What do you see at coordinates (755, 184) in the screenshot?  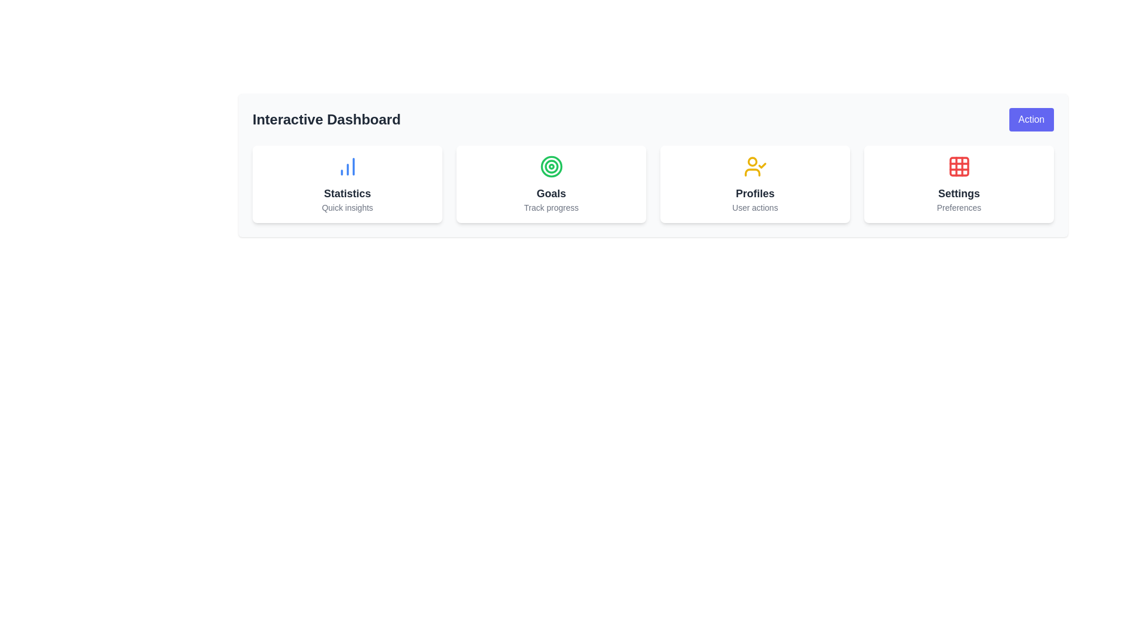 I see `the 'Profiles' card component in the grid layout to trigger UI feedback such as a shadow increase` at bounding box center [755, 184].